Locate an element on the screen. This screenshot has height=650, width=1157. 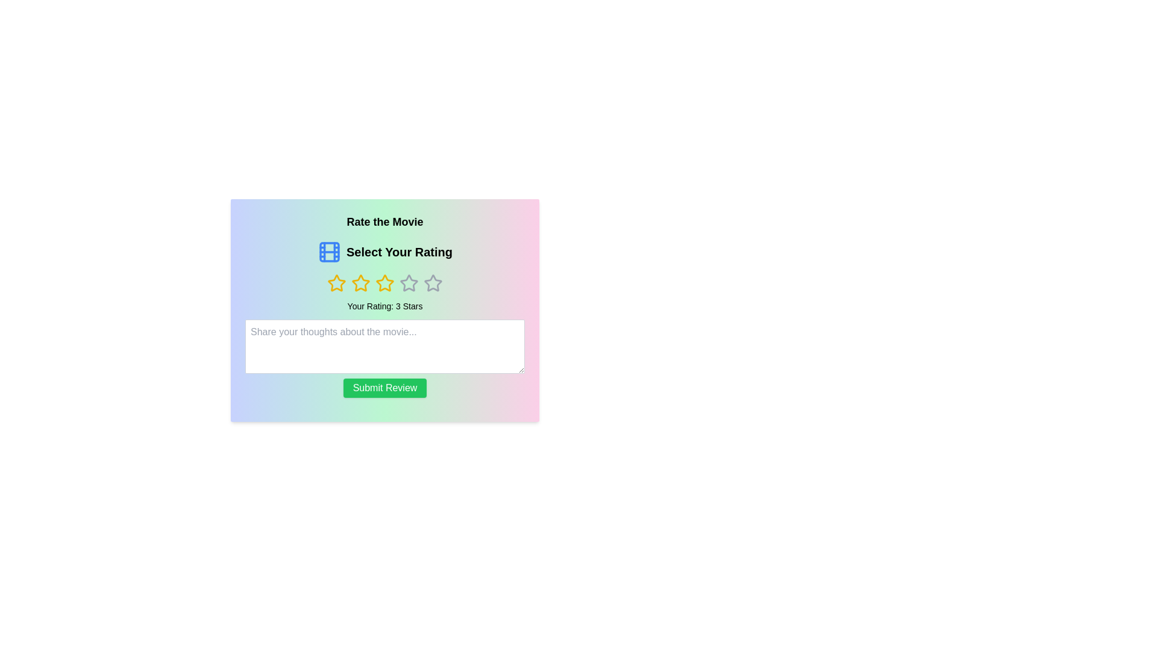
the blue film reel icon located directly left of the 'Select Your Rating' text, which features rounded rectangular cutouts and vertical strips is located at coordinates (330, 252).